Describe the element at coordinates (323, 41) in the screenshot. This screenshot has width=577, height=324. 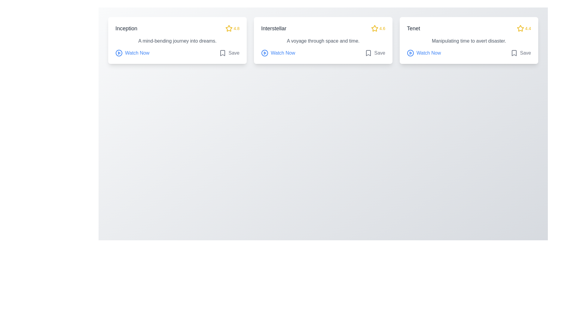
I see `the movie's theme` at that location.